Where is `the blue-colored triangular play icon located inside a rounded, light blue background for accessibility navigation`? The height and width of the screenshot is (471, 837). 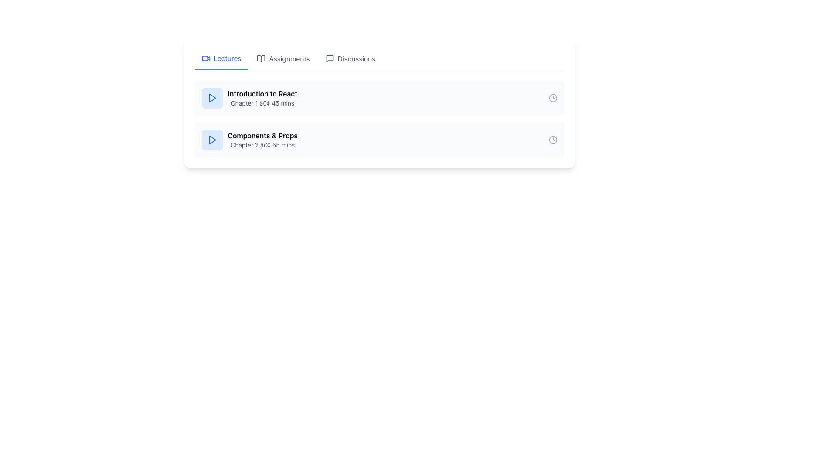 the blue-colored triangular play icon located inside a rounded, light blue background for accessibility navigation is located at coordinates (212, 98).